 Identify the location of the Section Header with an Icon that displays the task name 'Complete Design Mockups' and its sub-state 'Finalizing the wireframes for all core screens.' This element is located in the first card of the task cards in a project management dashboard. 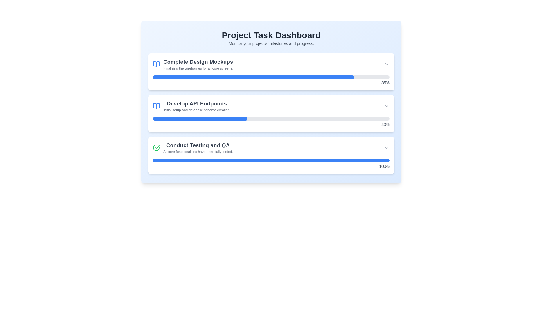
(193, 64).